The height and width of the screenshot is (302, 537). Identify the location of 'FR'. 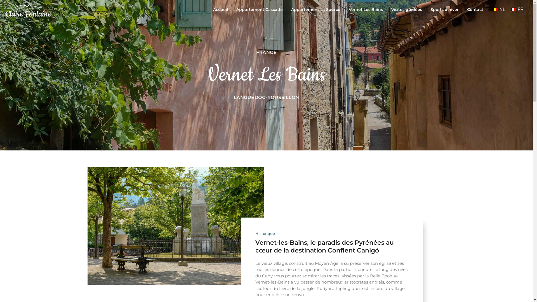
(517, 10).